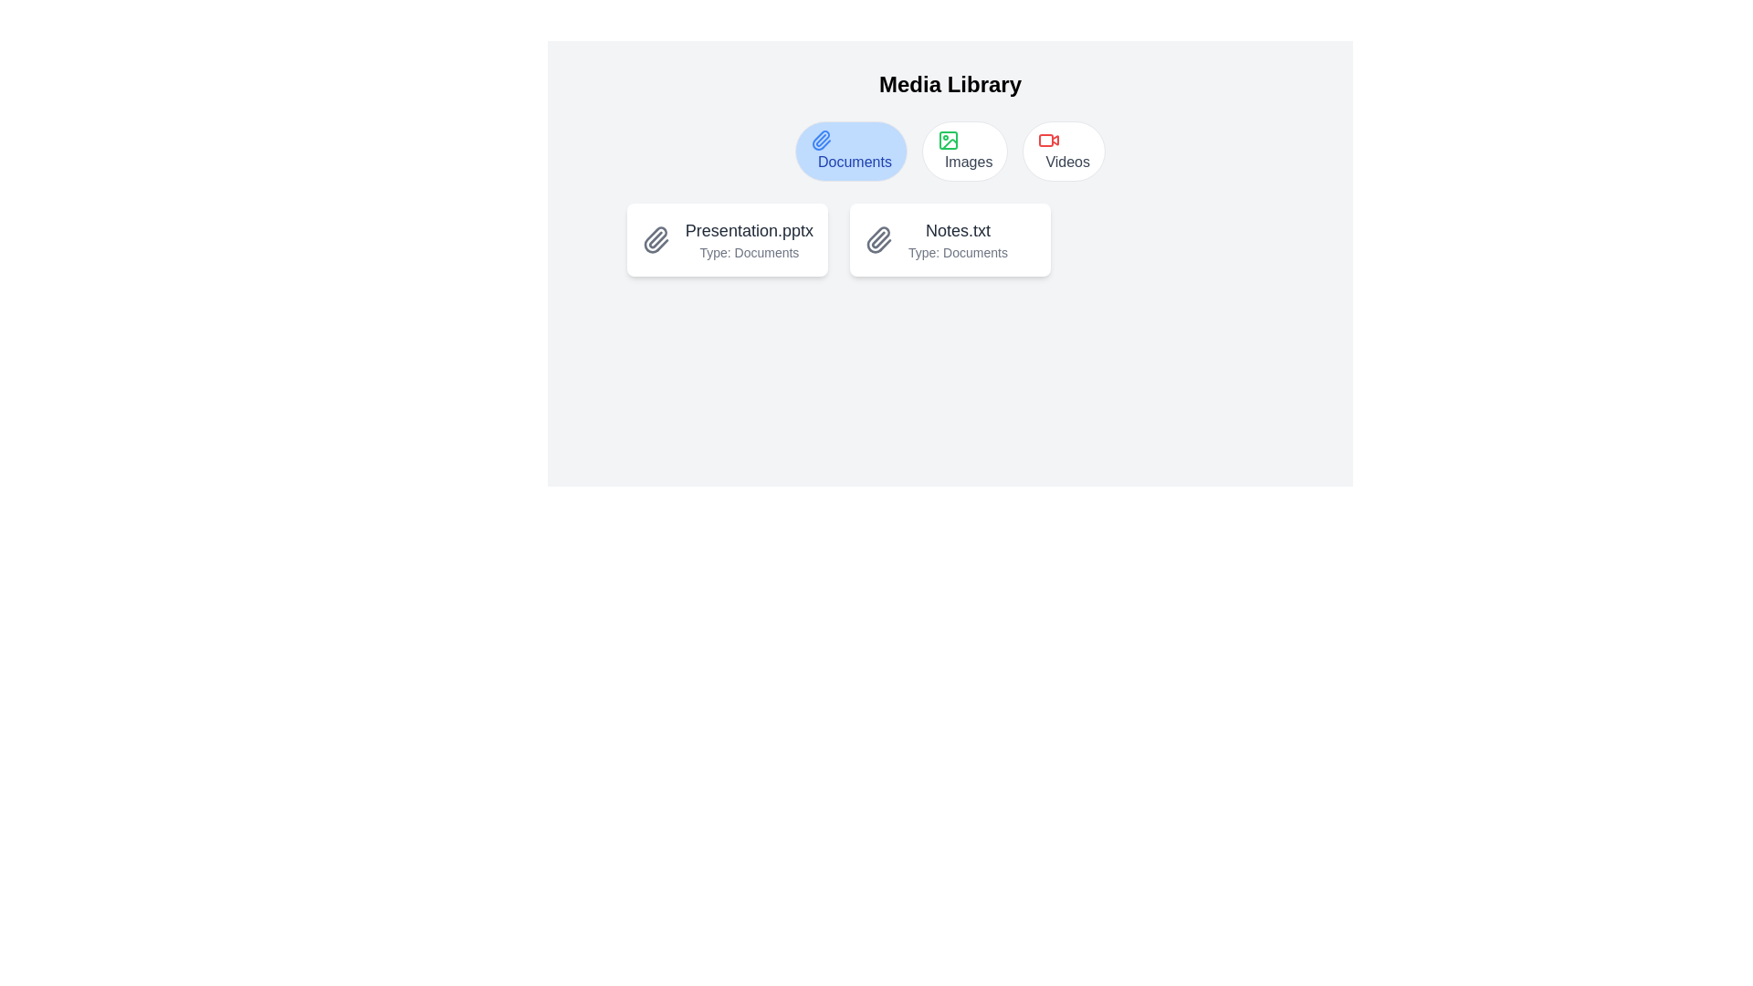 The height and width of the screenshot is (986, 1753). I want to click on the text label that indicates the file type as 'Documents', located directly below the 'Presentation.pptx' label in the left card under the 'Media Library' header, so click(749, 253).